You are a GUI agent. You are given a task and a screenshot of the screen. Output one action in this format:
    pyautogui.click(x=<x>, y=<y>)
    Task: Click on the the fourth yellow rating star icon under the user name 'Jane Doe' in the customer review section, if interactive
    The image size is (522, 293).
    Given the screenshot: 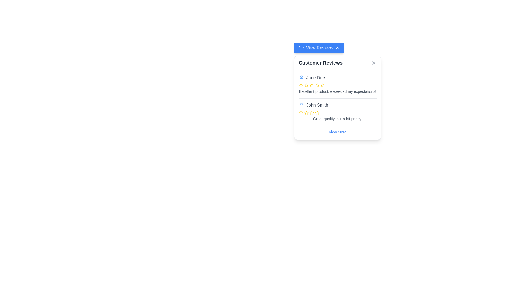 What is the action you would take?
    pyautogui.click(x=312, y=85)
    